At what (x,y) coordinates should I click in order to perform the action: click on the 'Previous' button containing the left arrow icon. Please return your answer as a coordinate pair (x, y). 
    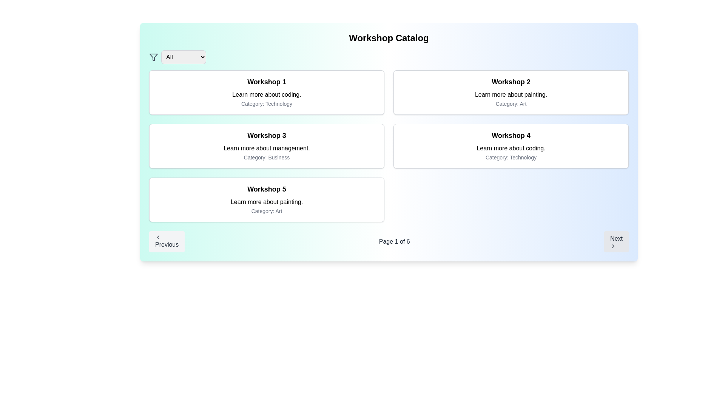
    Looking at the image, I should click on (157, 237).